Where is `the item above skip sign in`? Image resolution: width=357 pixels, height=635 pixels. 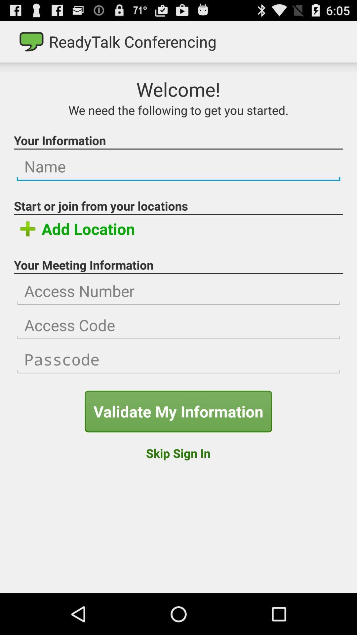
the item above skip sign in is located at coordinates (178, 411).